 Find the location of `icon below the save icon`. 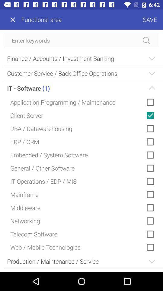

icon below the save icon is located at coordinates (81, 40).